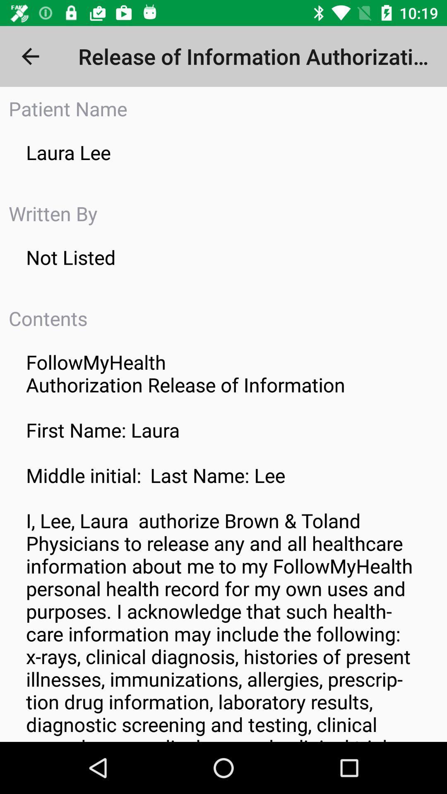 The height and width of the screenshot is (794, 447). What do you see at coordinates (30, 56) in the screenshot?
I see `the icon at the top left corner` at bounding box center [30, 56].